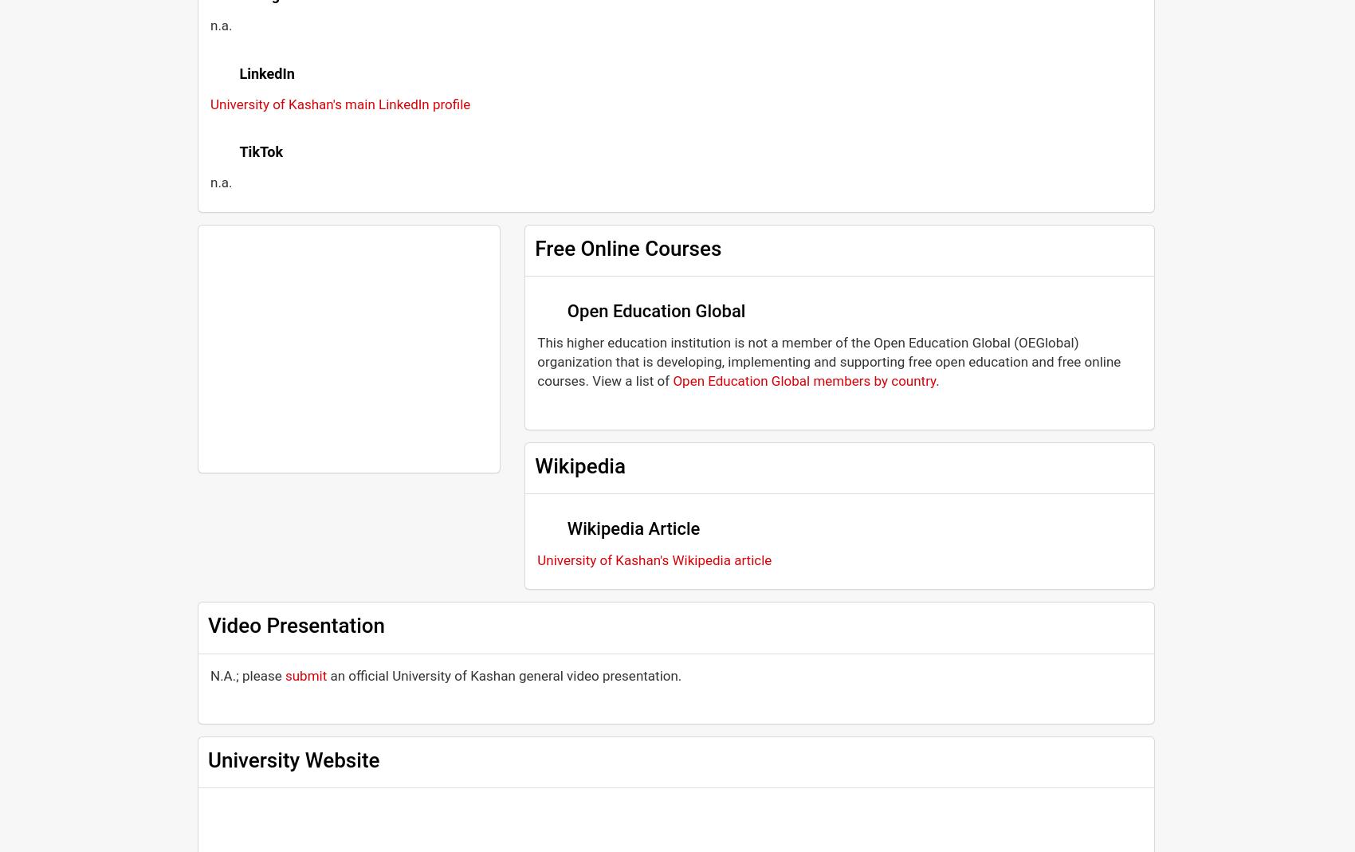  I want to click on 'LinkedIn', so click(265, 72).